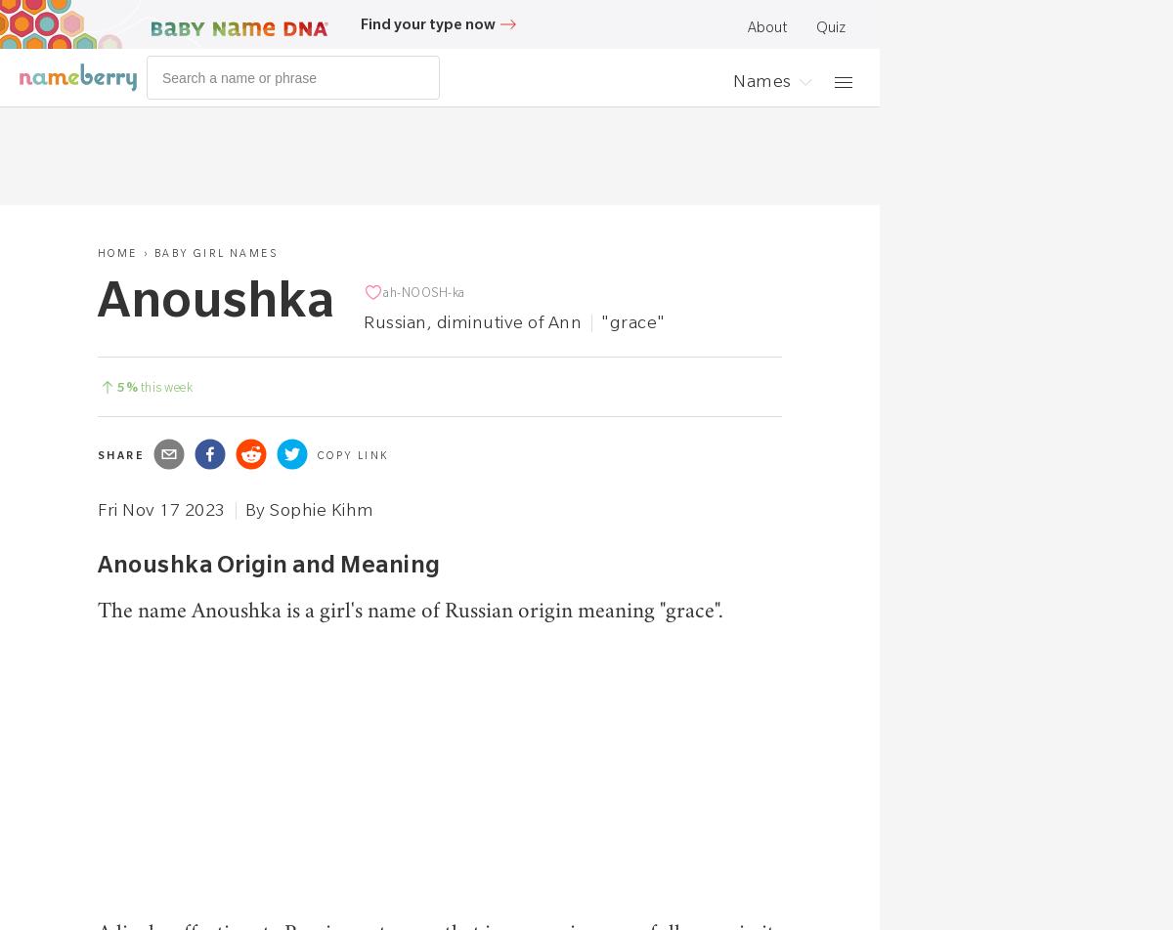  I want to click on 'Copy link', so click(353, 455).